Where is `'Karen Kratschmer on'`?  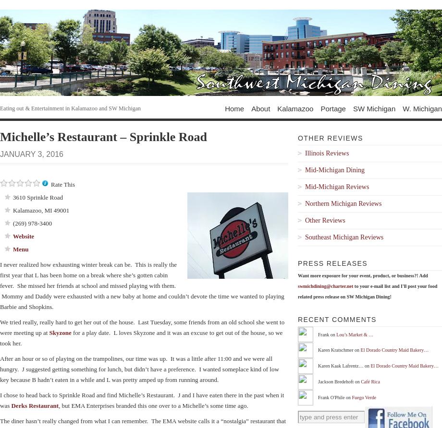
'Karen Kratschmer on' is located at coordinates (339, 349).